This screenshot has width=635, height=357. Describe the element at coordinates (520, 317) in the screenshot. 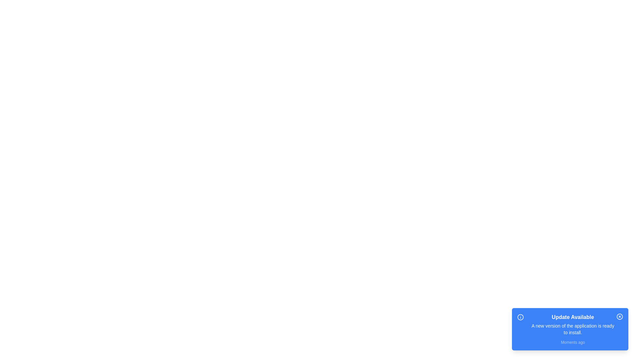

I see `the information icon to inspect it` at that location.